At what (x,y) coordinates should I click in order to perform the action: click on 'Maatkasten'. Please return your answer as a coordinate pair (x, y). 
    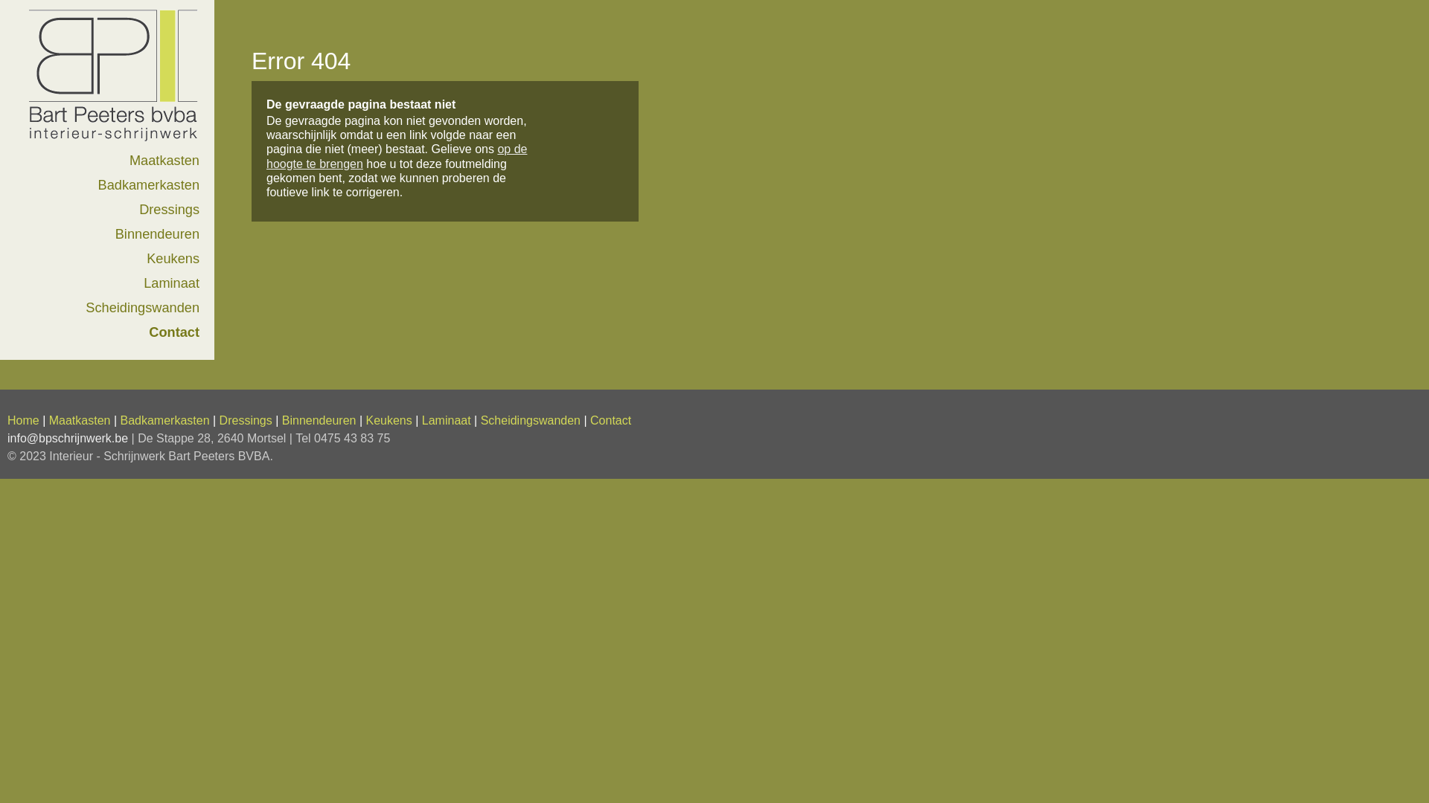
    Looking at the image, I should click on (79, 420).